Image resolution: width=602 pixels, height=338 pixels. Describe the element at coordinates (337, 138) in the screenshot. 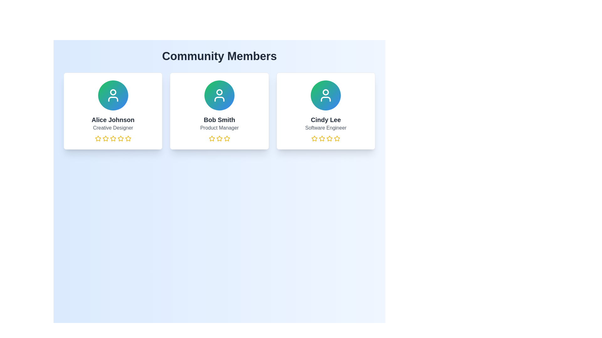

I see `the fifth yellow star icon in the rating system under the profile card of 'Cindy Lee - Software Engineer'` at that location.